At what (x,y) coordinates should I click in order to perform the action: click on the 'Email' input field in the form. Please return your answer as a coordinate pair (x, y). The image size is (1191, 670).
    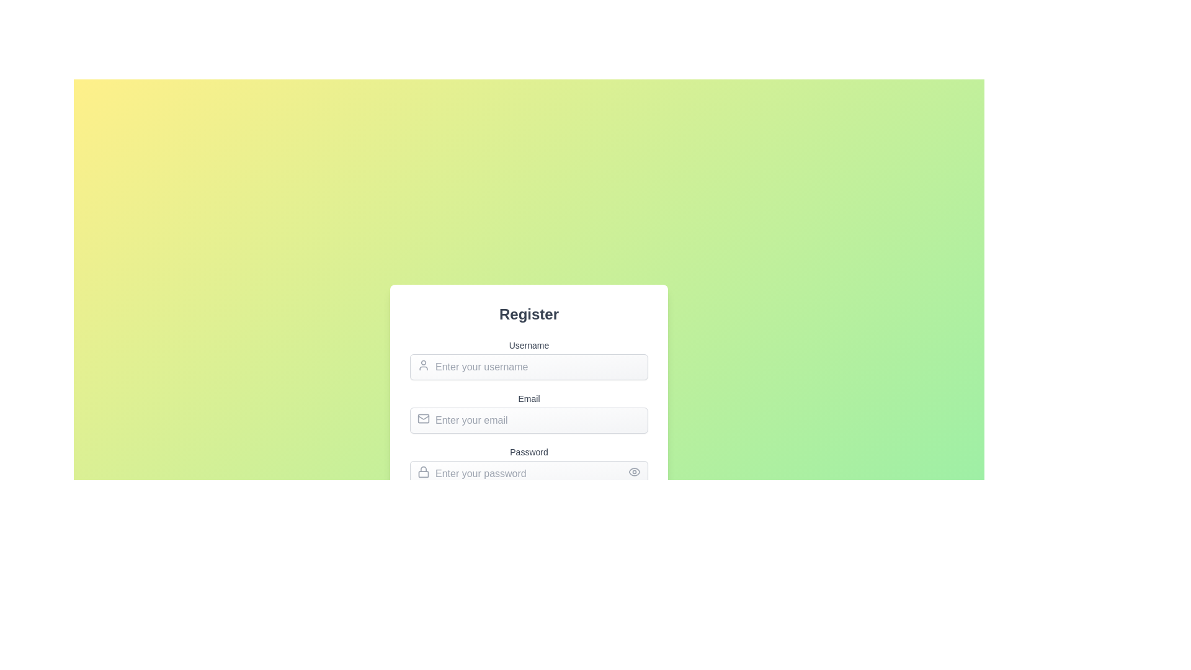
    Looking at the image, I should click on (529, 431).